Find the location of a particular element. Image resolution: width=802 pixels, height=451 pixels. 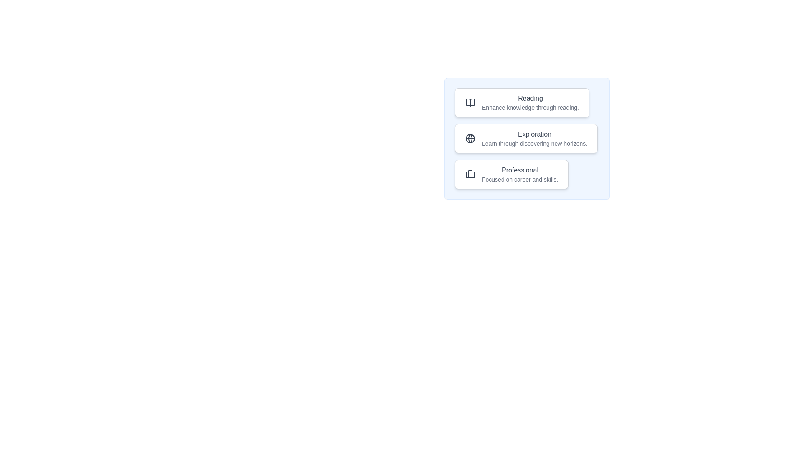

the focus chip labeled Exploration is located at coordinates (526, 138).